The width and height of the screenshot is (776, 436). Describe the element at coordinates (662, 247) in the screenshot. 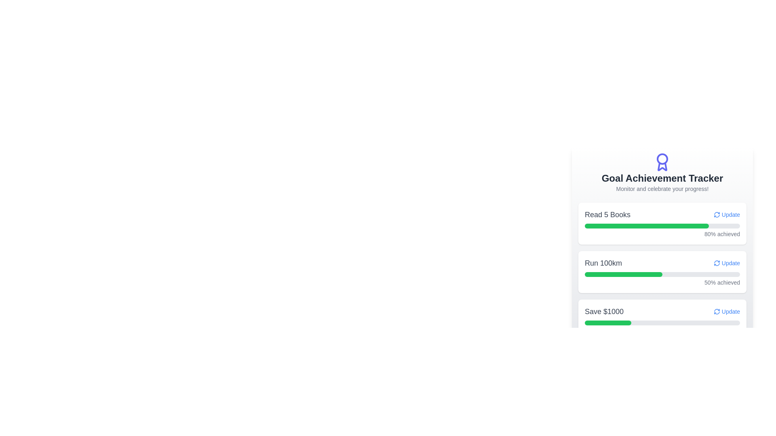

I see `specific items within the Progress Tracker element, which is a vertically oriented card featuring three primary rows with titles, progress bars, and status texts` at that location.